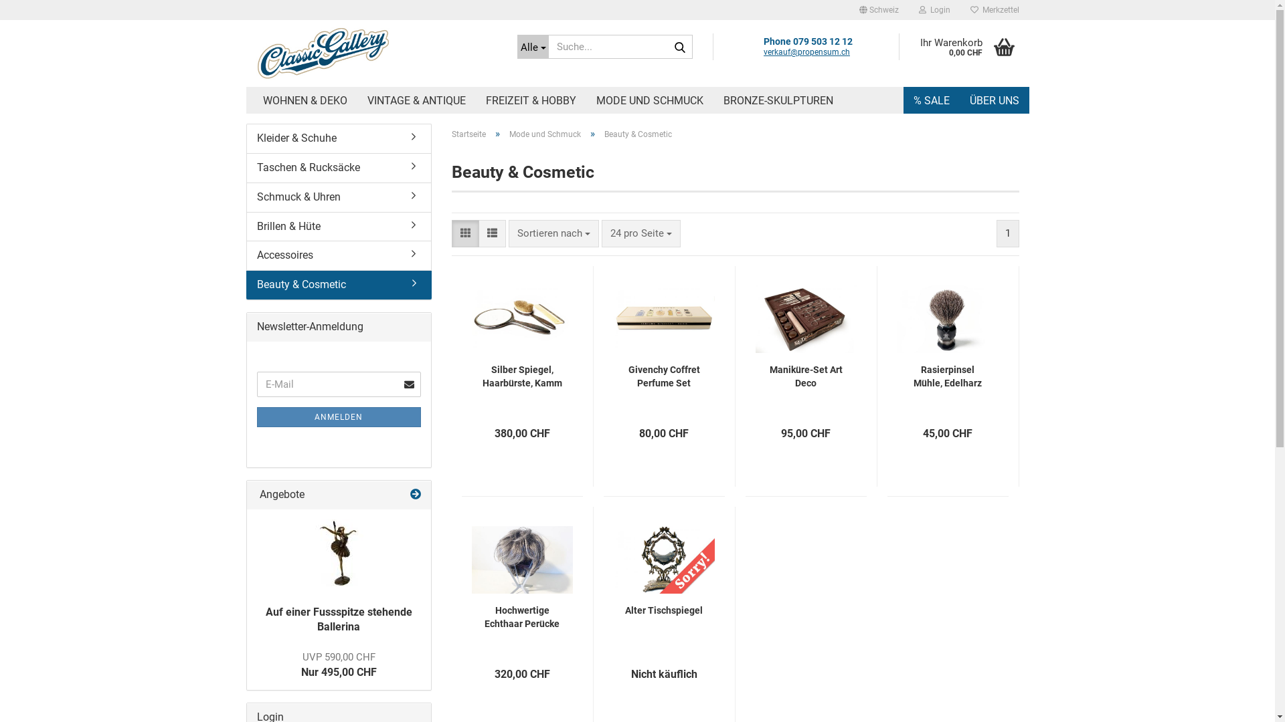 This screenshot has height=722, width=1285. I want to click on 'Schweiz', so click(878, 10).